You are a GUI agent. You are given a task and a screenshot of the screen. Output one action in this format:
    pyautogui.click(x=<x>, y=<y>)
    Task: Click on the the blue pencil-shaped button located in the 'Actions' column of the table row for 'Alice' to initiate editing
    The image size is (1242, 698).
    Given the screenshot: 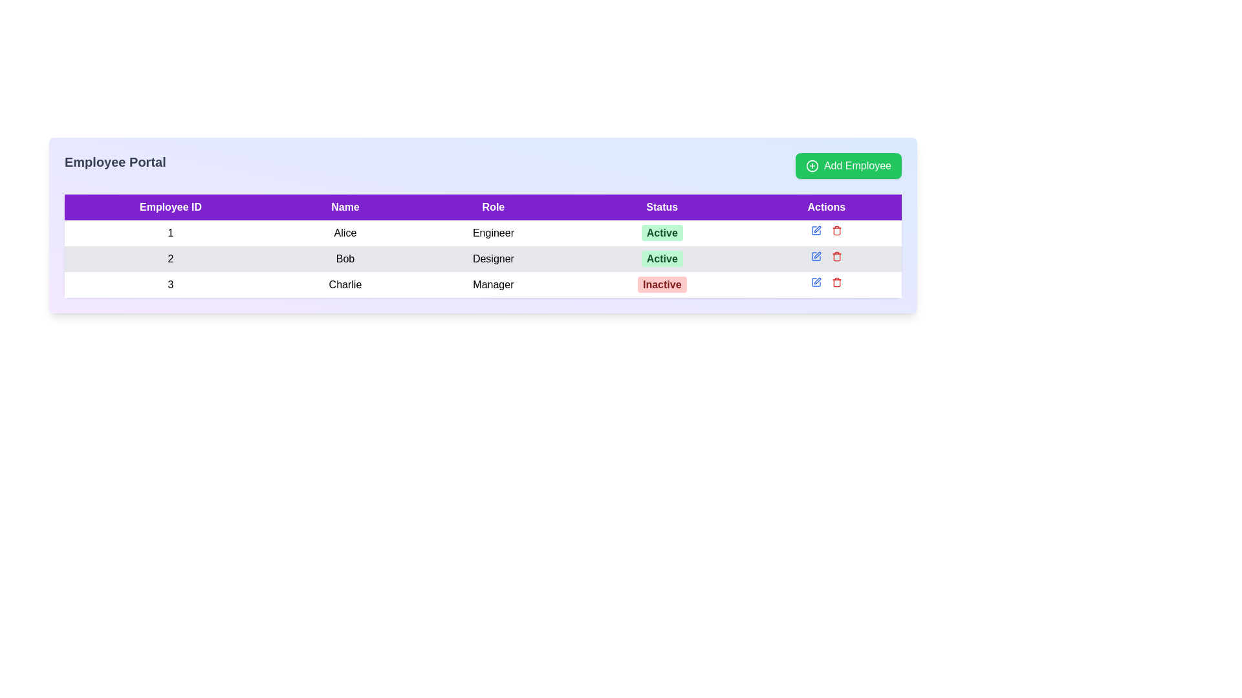 What is the action you would take?
    pyautogui.click(x=815, y=230)
    